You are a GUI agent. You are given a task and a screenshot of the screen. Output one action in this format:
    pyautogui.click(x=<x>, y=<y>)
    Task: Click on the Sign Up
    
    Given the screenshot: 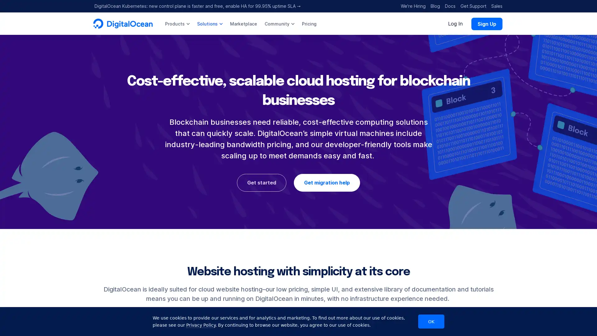 What is the action you would take?
    pyautogui.click(x=486, y=23)
    